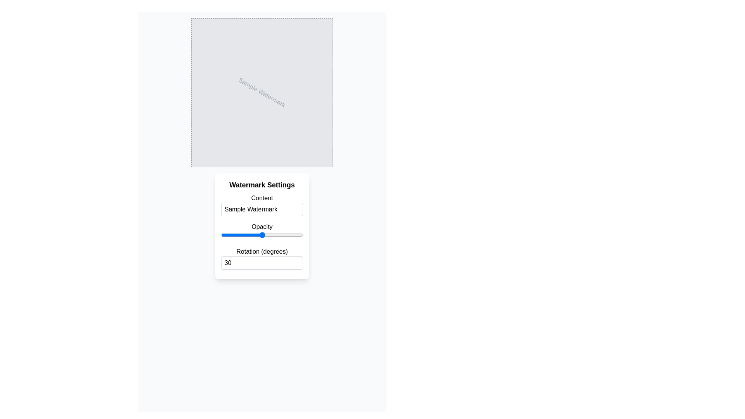 The width and height of the screenshot is (745, 419). What do you see at coordinates (262, 209) in the screenshot?
I see `the text within the text input field that has rounded corners and a light gray background, which contains the placeholder text 'Sample Watermark'` at bounding box center [262, 209].